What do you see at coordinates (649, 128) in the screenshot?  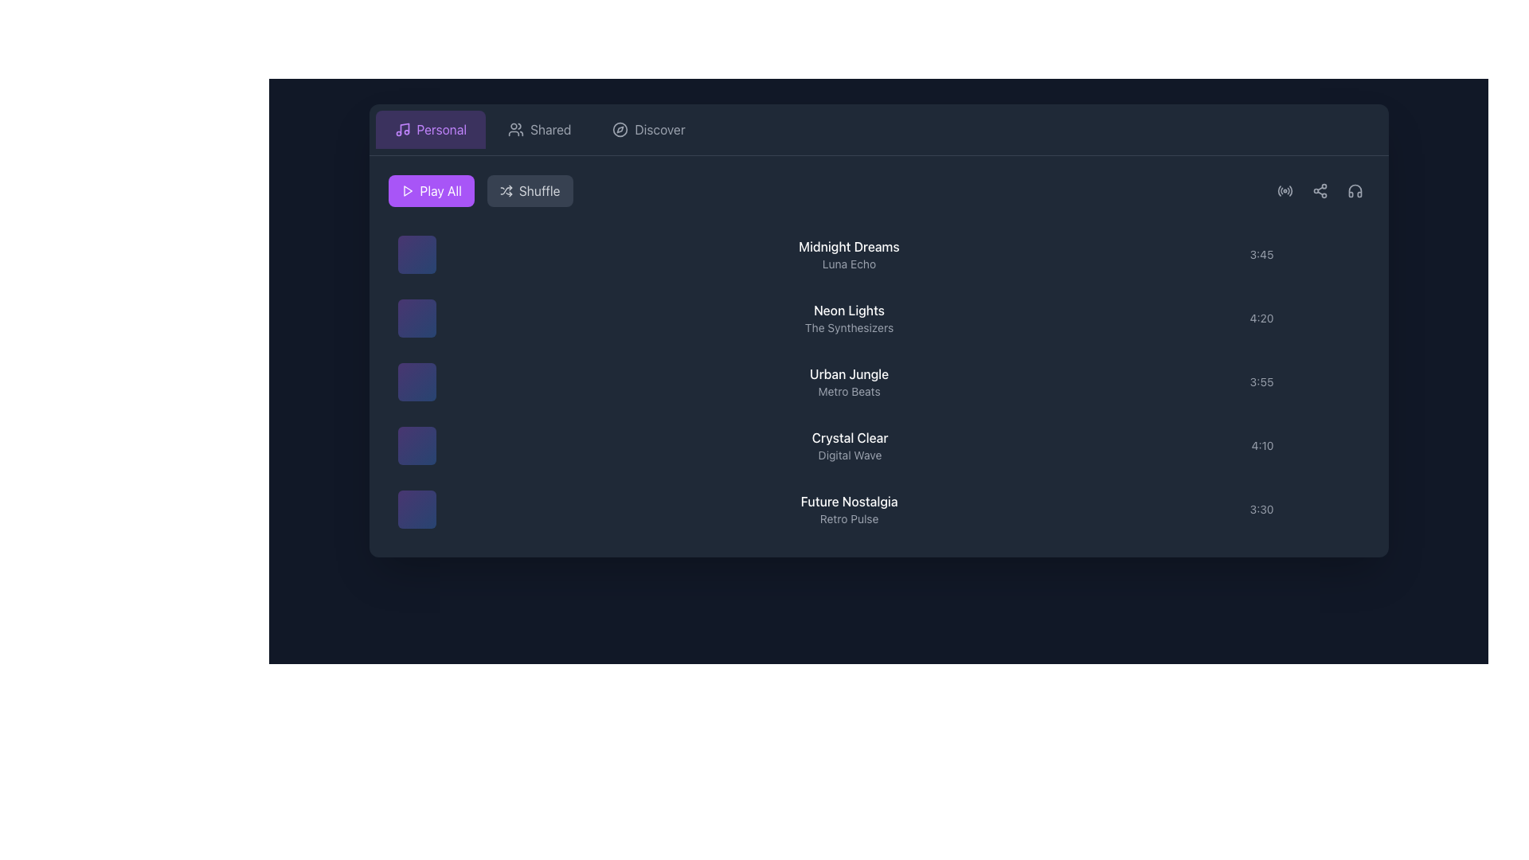 I see `the third button in the navigation row to switch the view to the 'Discover' section of the application` at bounding box center [649, 128].